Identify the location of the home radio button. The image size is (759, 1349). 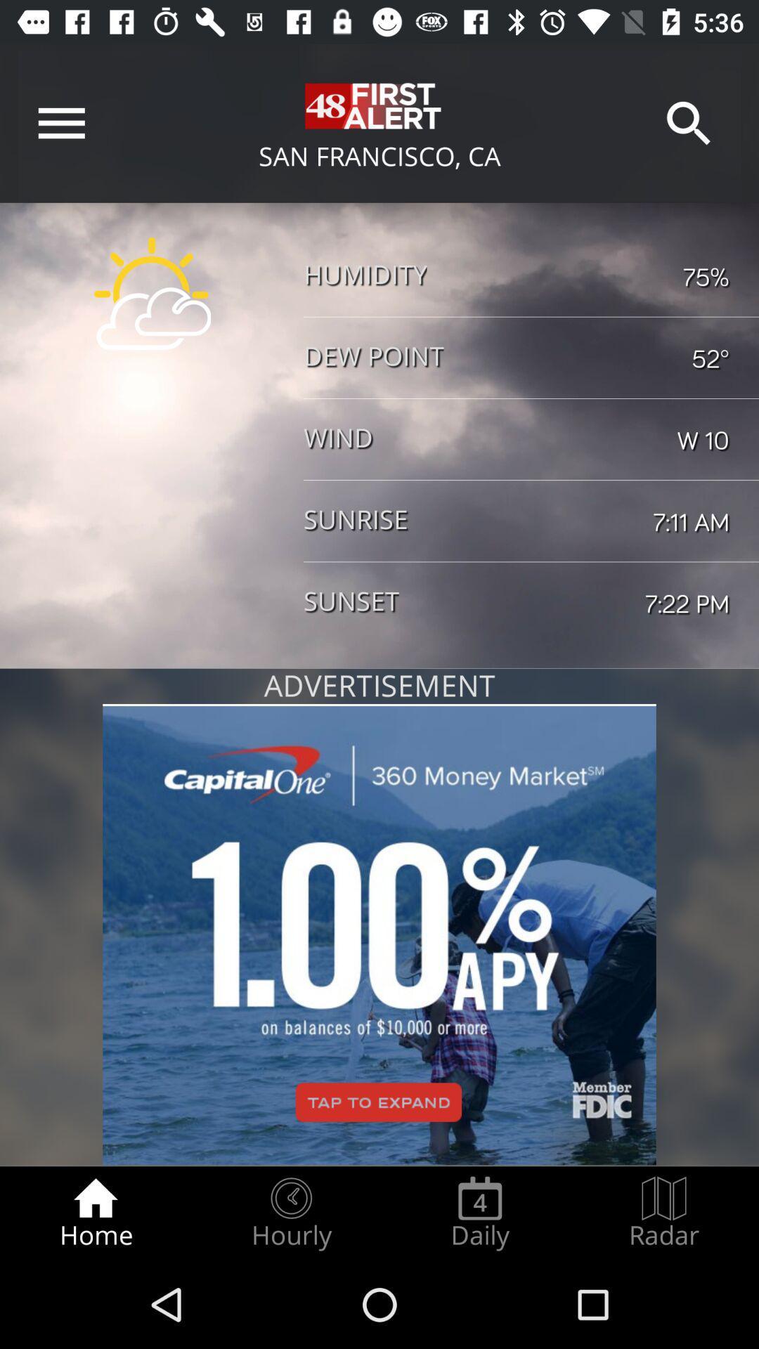
(95, 1213).